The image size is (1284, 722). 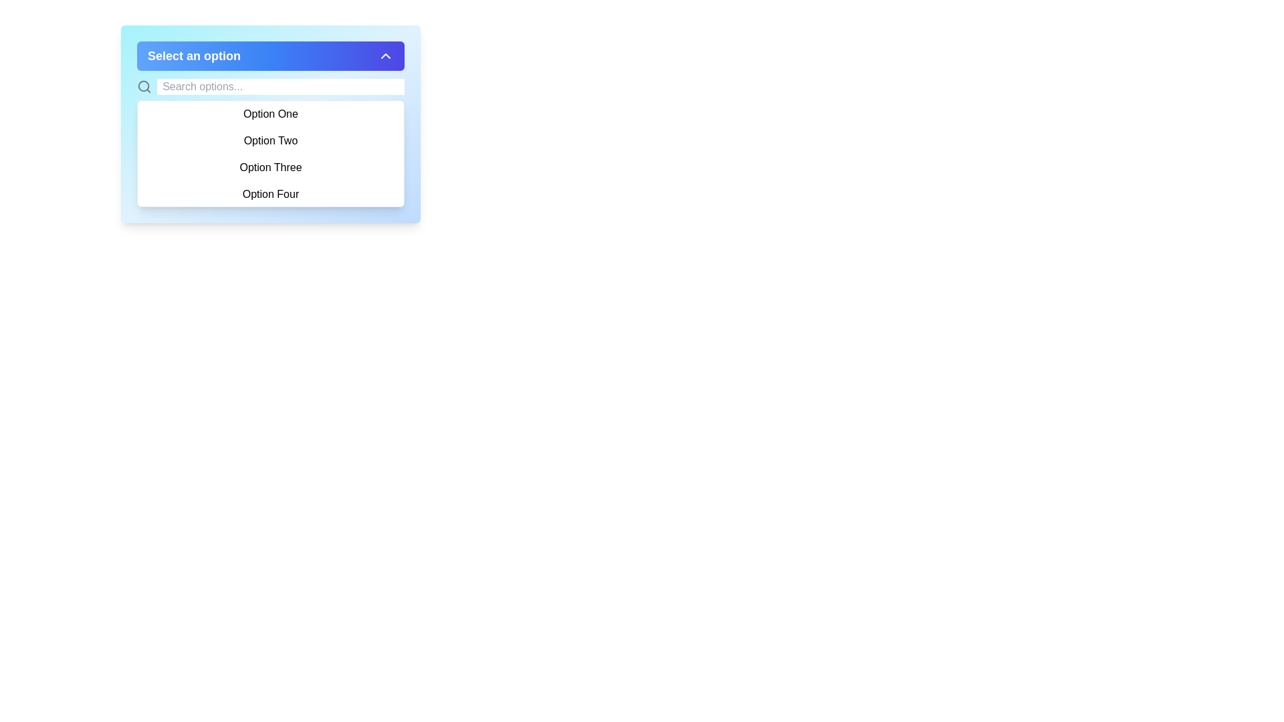 I want to click on the second option in the dropdown list, labeled 'Option Two', so click(x=270, y=124).